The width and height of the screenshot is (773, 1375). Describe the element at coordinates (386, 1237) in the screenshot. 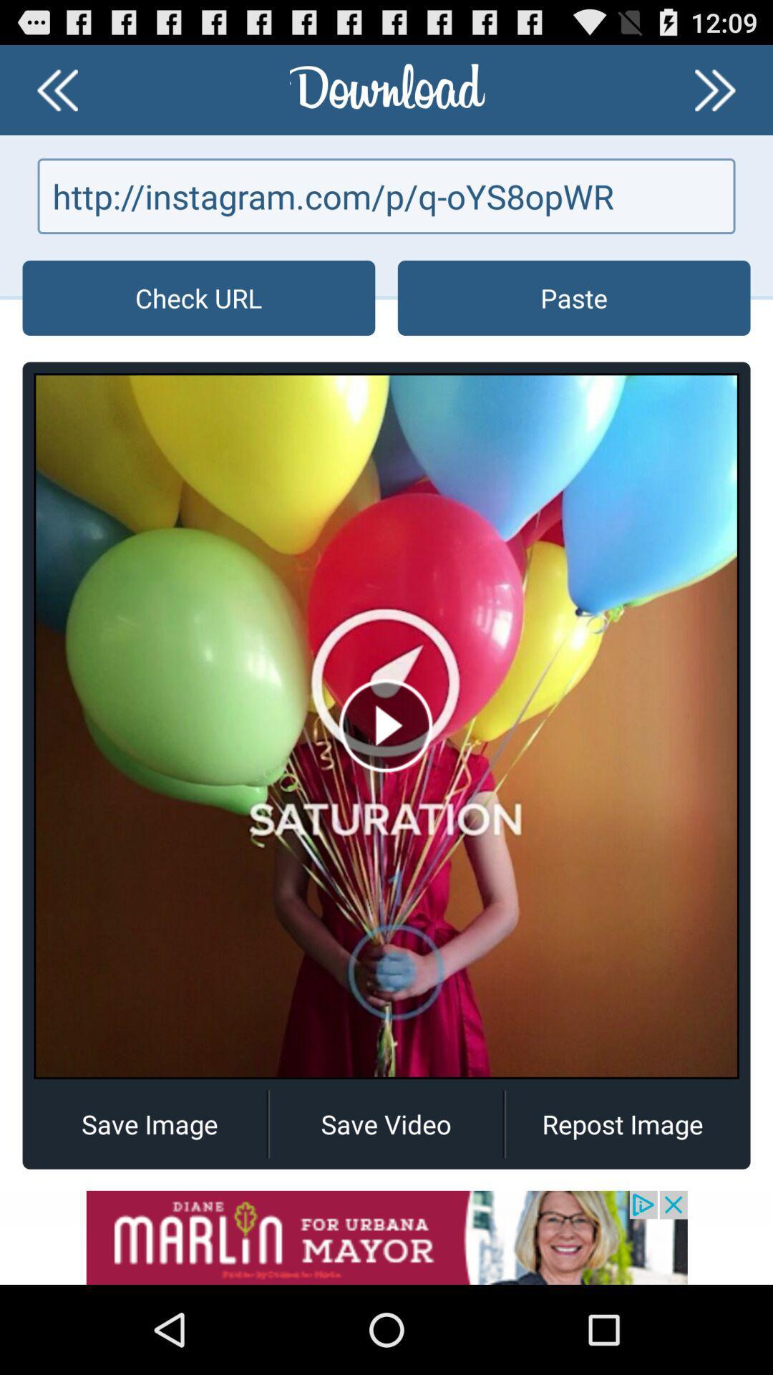

I see `open advertisement` at that location.